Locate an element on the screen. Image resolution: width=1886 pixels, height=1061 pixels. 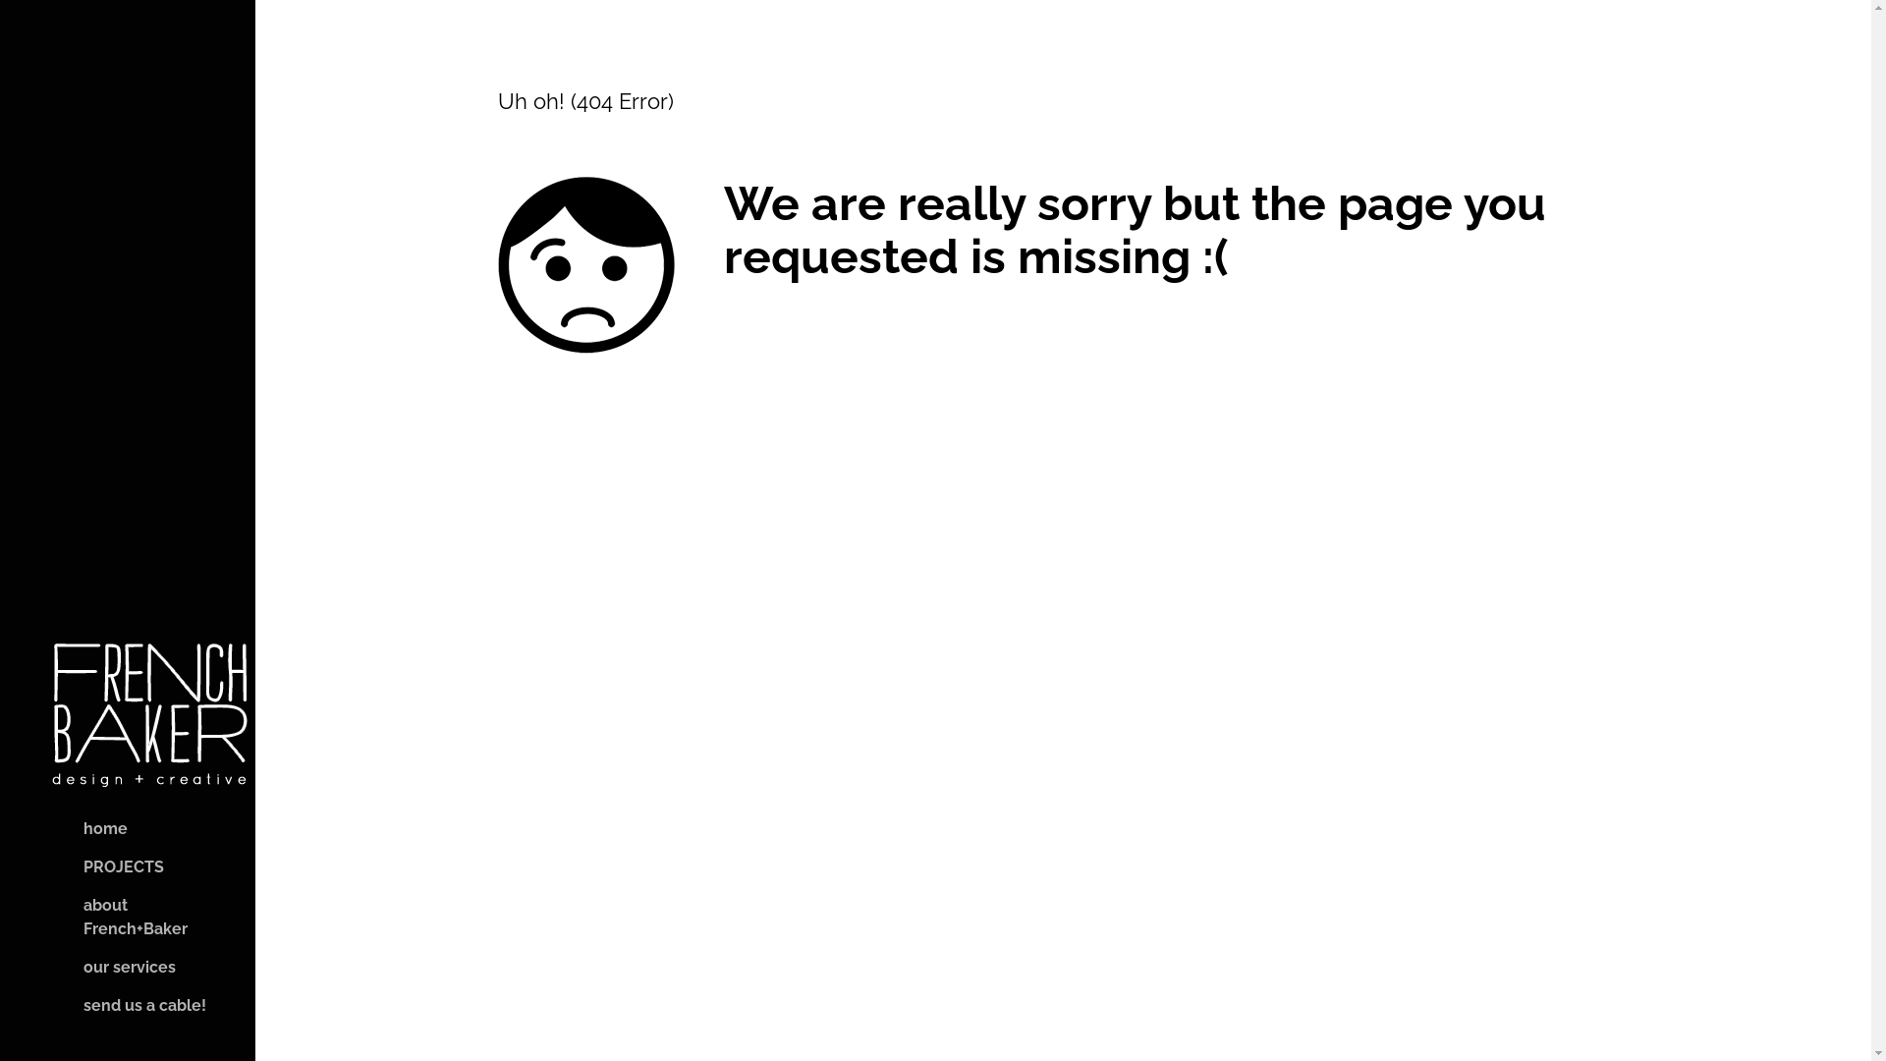
'our services' is located at coordinates (111, 966).